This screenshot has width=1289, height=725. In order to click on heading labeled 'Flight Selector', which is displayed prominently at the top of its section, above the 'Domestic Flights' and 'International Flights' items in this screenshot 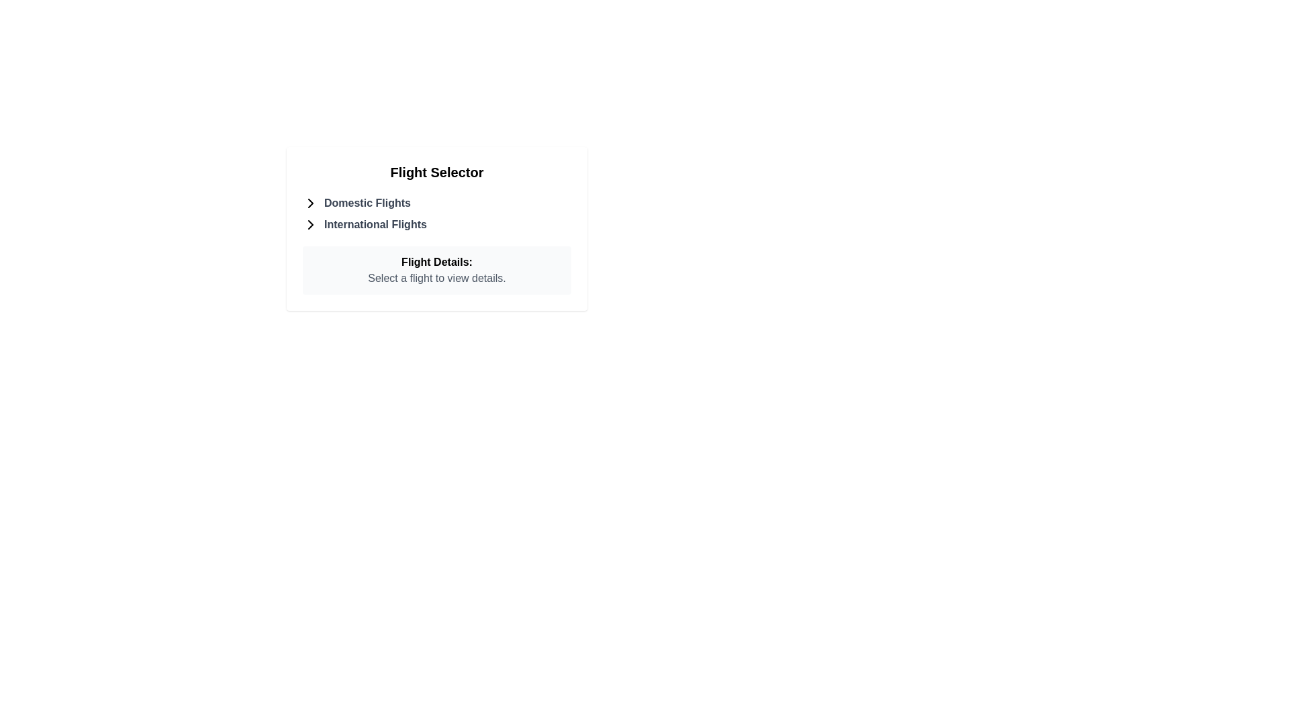, I will do `click(437, 172)`.